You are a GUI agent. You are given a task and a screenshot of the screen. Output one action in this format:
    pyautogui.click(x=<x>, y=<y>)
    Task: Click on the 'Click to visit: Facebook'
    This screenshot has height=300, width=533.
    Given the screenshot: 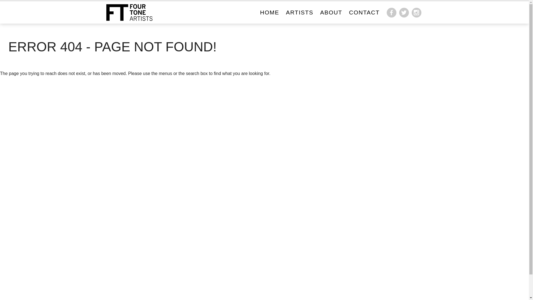 What is the action you would take?
    pyautogui.click(x=391, y=12)
    